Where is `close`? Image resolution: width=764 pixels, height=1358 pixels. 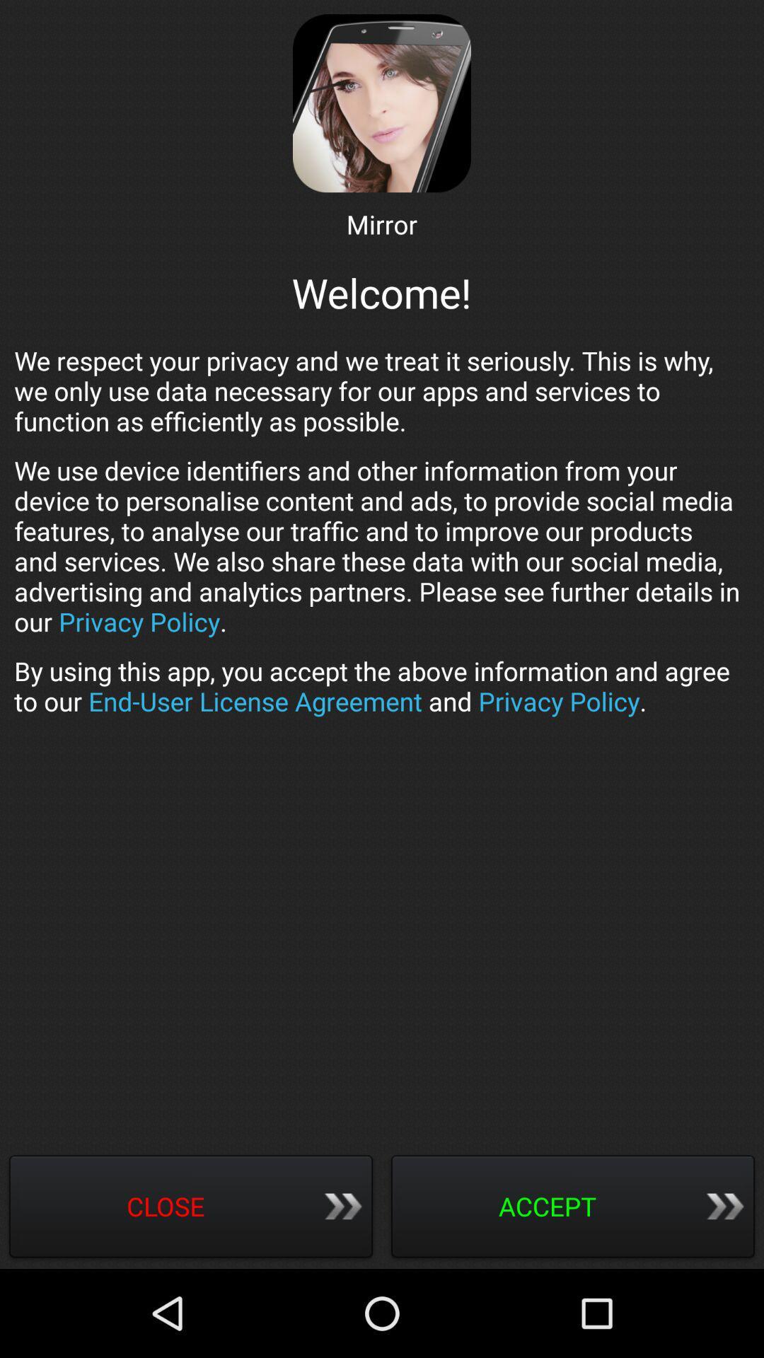
close is located at coordinates (191, 1207).